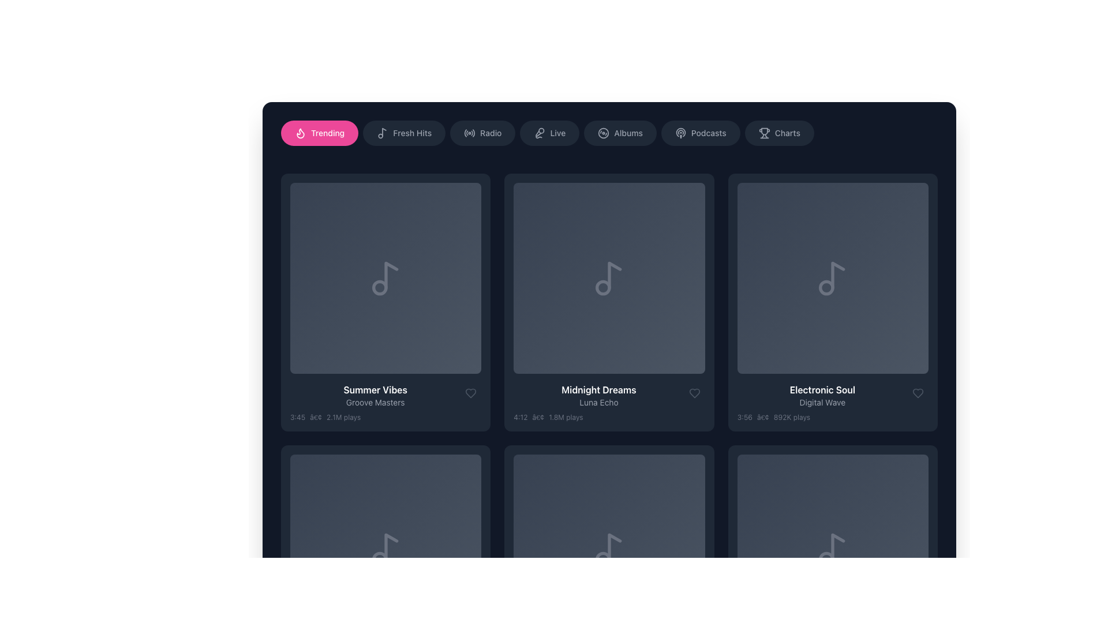 Image resolution: width=1108 pixels, height=623 pixels. I want to click on the flame icon with a pink fill color and stroke-based design, located to the left of the 'Trending' text label, so click(301, 133).